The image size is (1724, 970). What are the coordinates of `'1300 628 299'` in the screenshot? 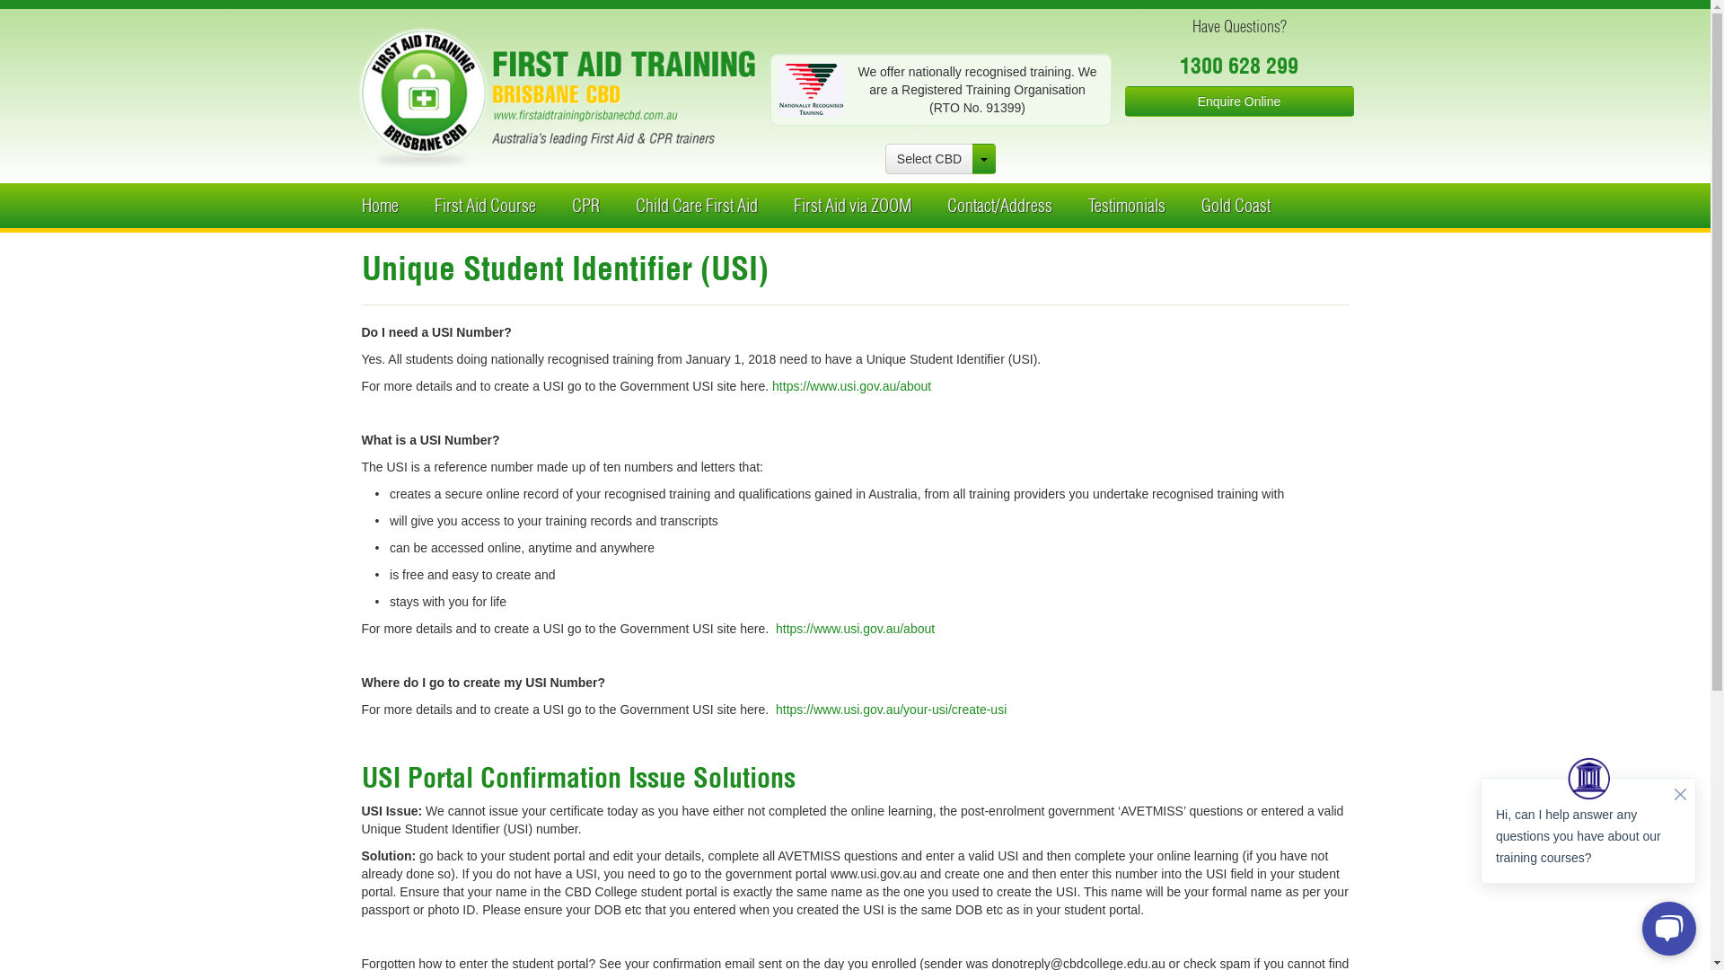 It's located at (1238, 65).